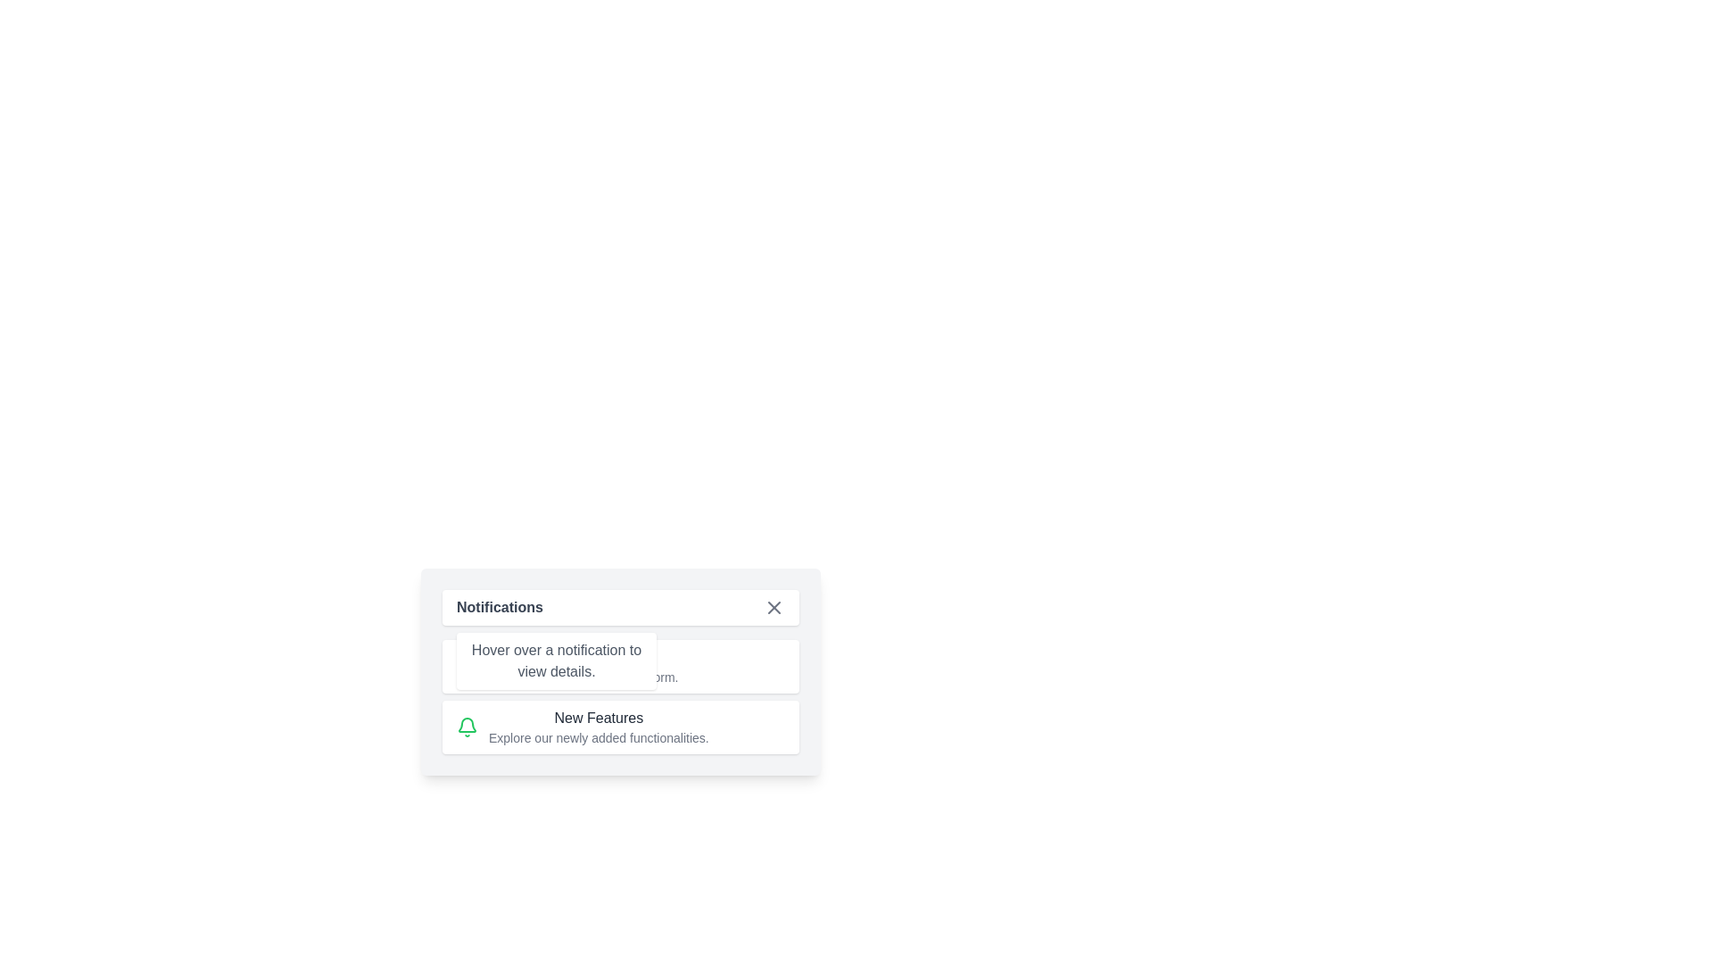  I want to click on instructional text box displaying 'Hover over a notification to view details.' which is centrally located below the 'Notifications' header and above other notification items, so click(556, 661).